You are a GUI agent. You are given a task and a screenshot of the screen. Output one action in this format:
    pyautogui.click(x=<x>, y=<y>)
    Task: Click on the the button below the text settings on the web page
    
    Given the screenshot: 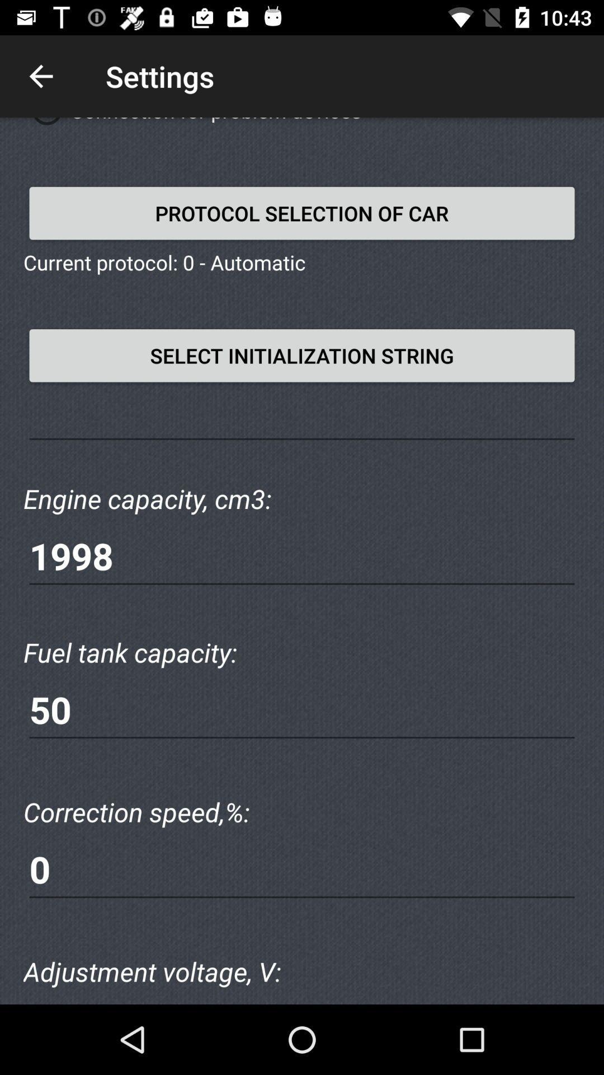 What is the action you would take?
    pyautogui.click(x=302, y=213)
    